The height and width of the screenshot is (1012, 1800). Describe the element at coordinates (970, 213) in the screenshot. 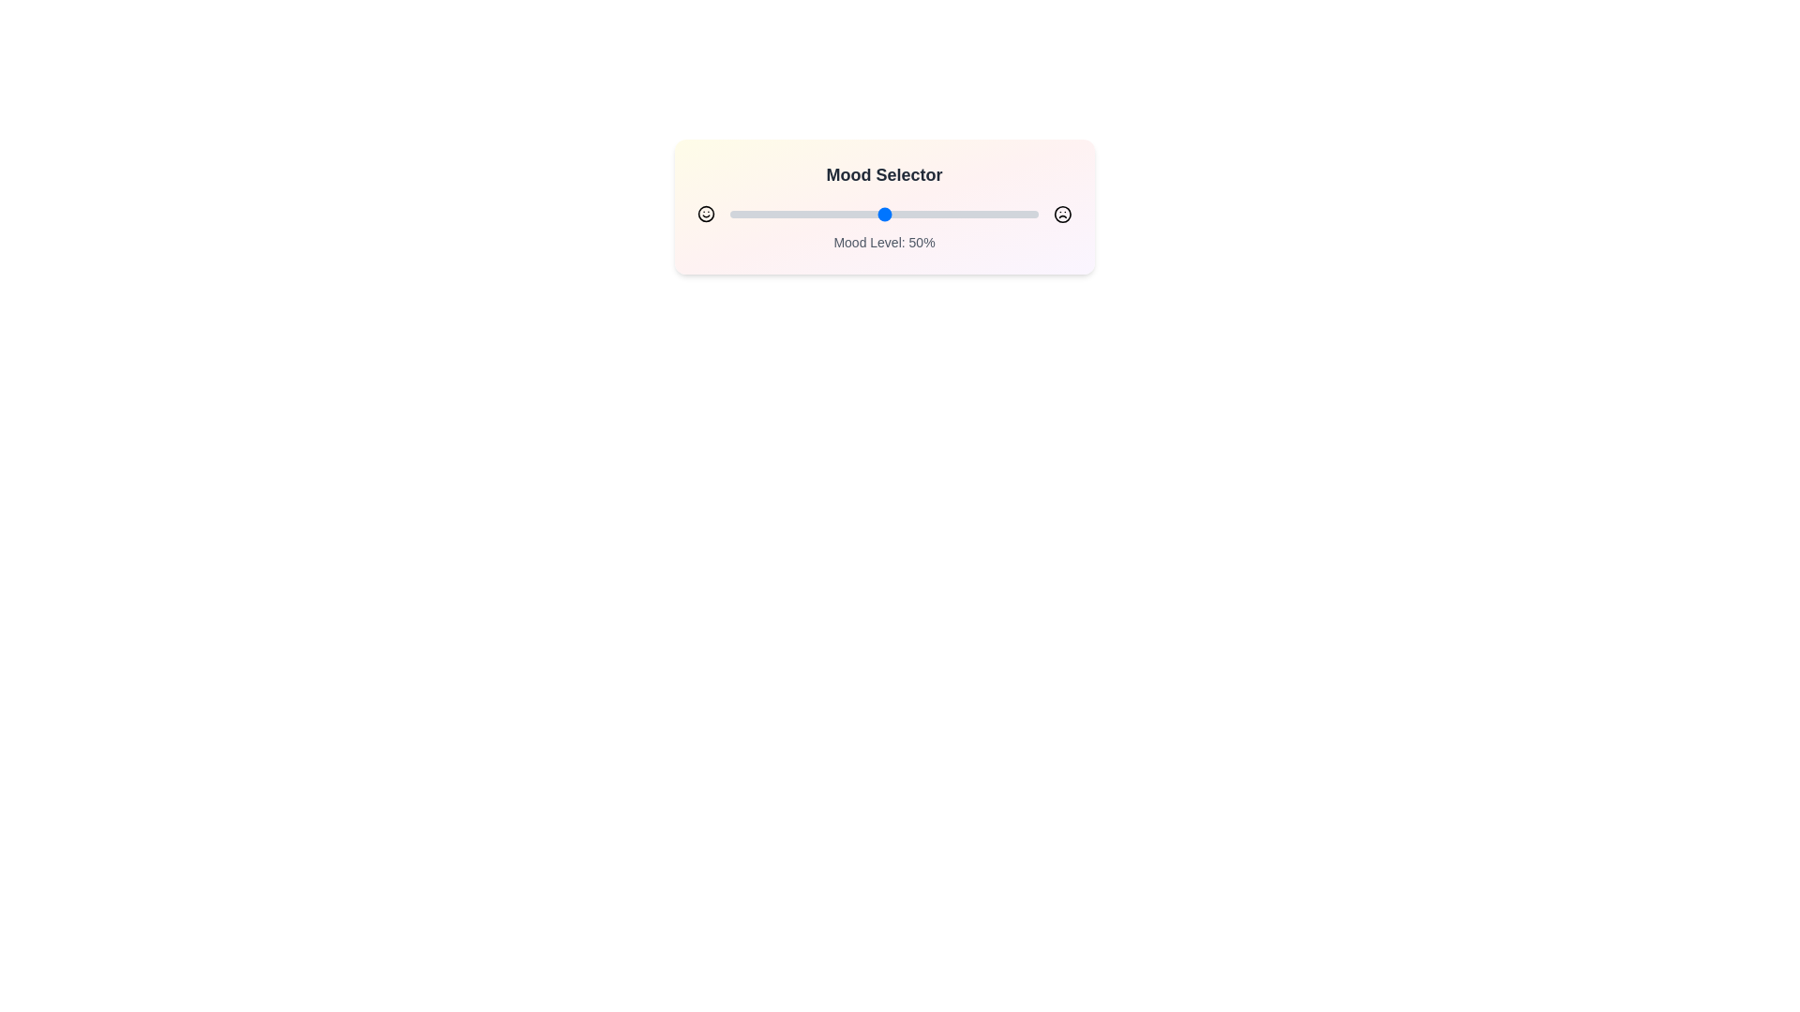

I see `the mood slider to set the mood level to 78` at that location.